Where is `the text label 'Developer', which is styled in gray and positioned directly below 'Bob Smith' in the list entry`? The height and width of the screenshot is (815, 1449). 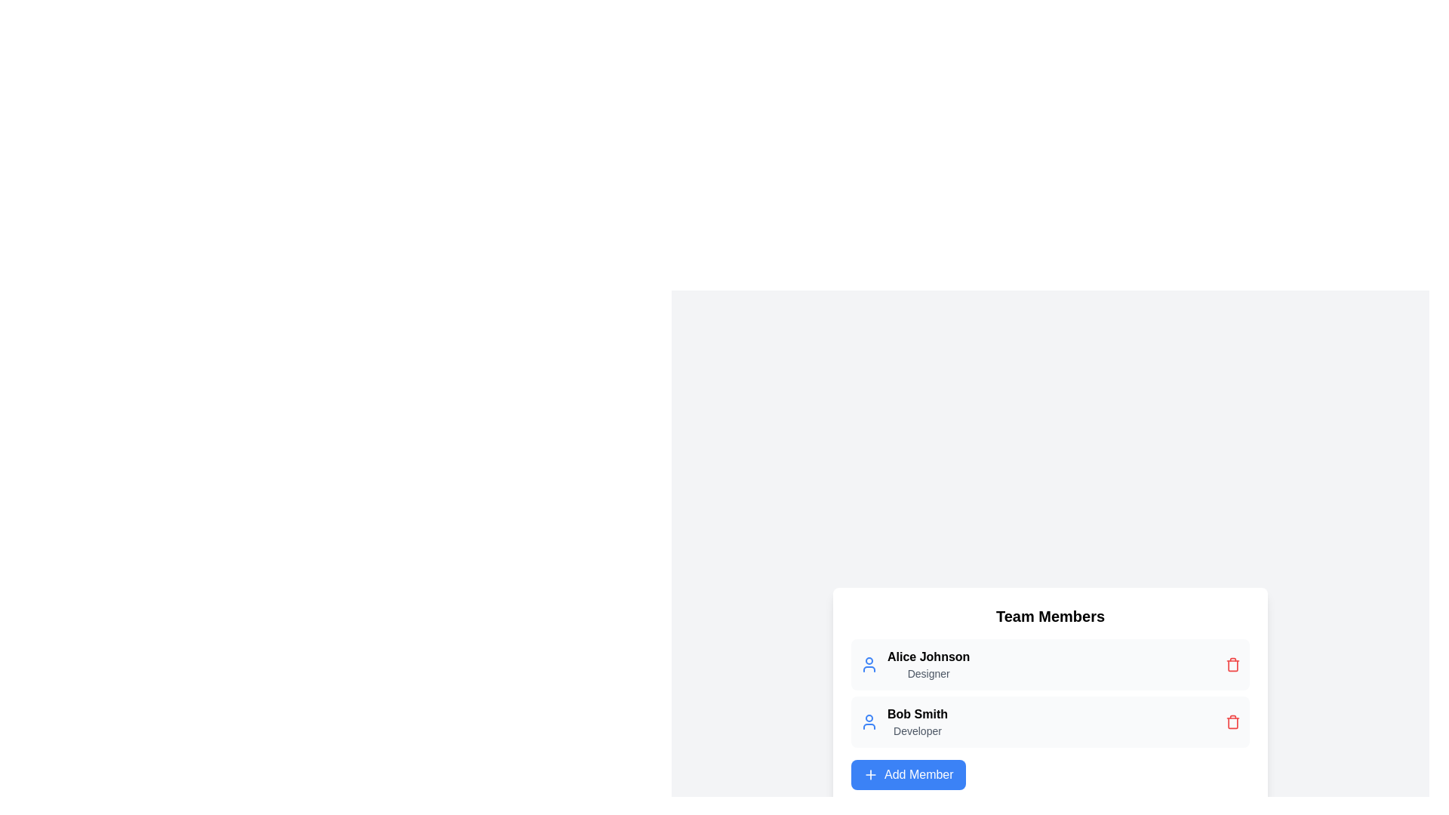
the text label 'Developer', which is styled in gray and positioned directly below 'Bob Smith' in the list entry is located at coordinates (916, 730).